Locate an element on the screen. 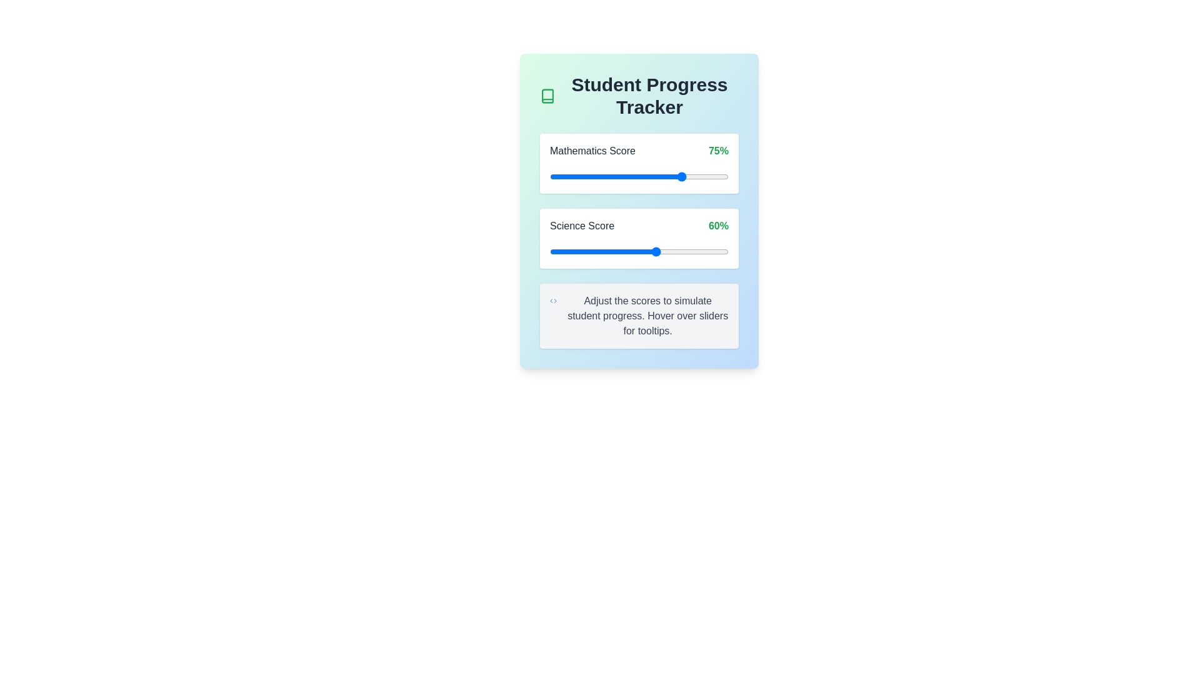  the Science Score slider to 94% is located at coordinates (717, 251).